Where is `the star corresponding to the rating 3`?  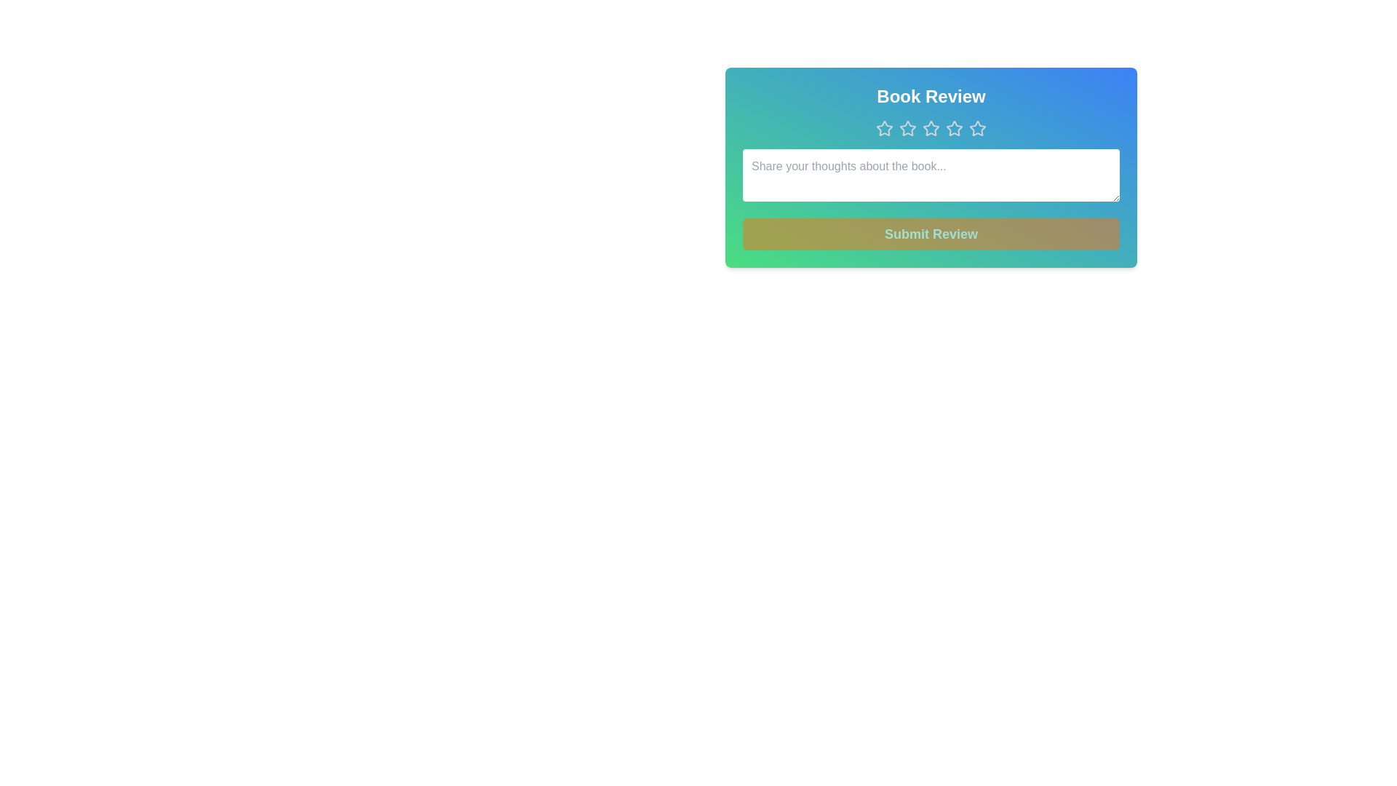
the star corresponding to the rating 3 is located at coordinates (931, 128).